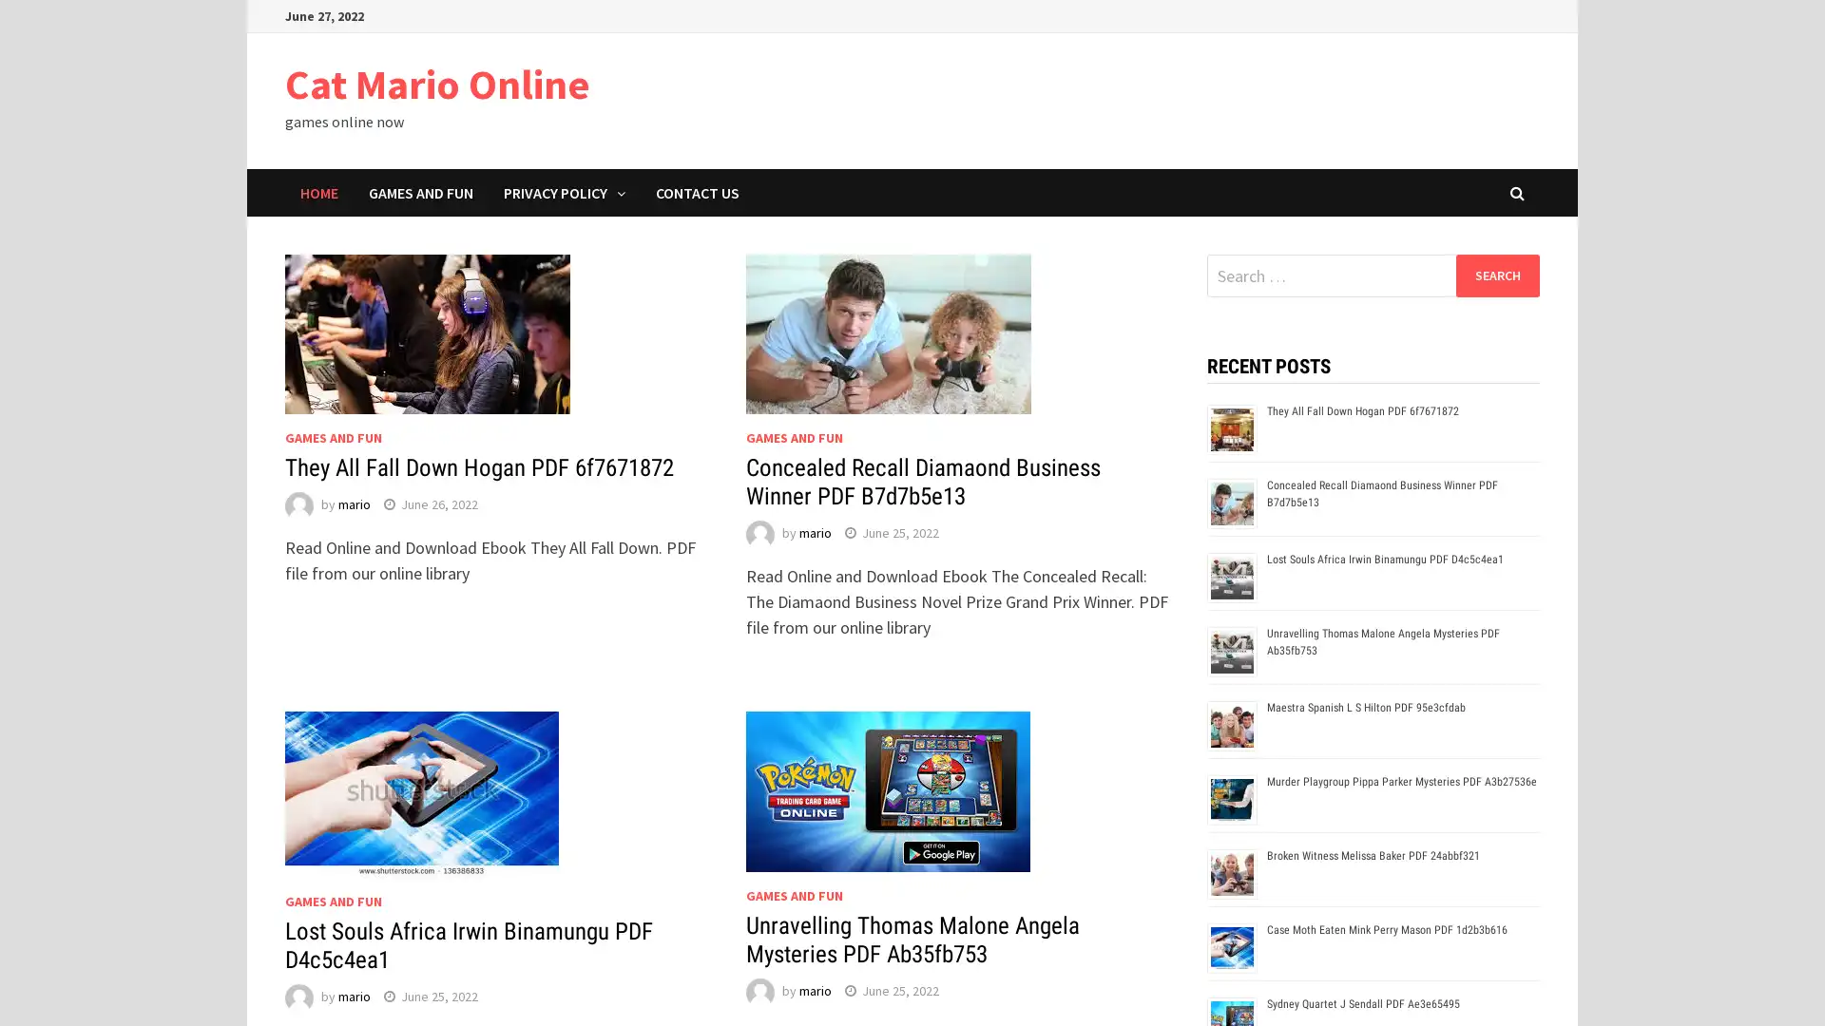  I want to click on Search, so click(1496, 275).